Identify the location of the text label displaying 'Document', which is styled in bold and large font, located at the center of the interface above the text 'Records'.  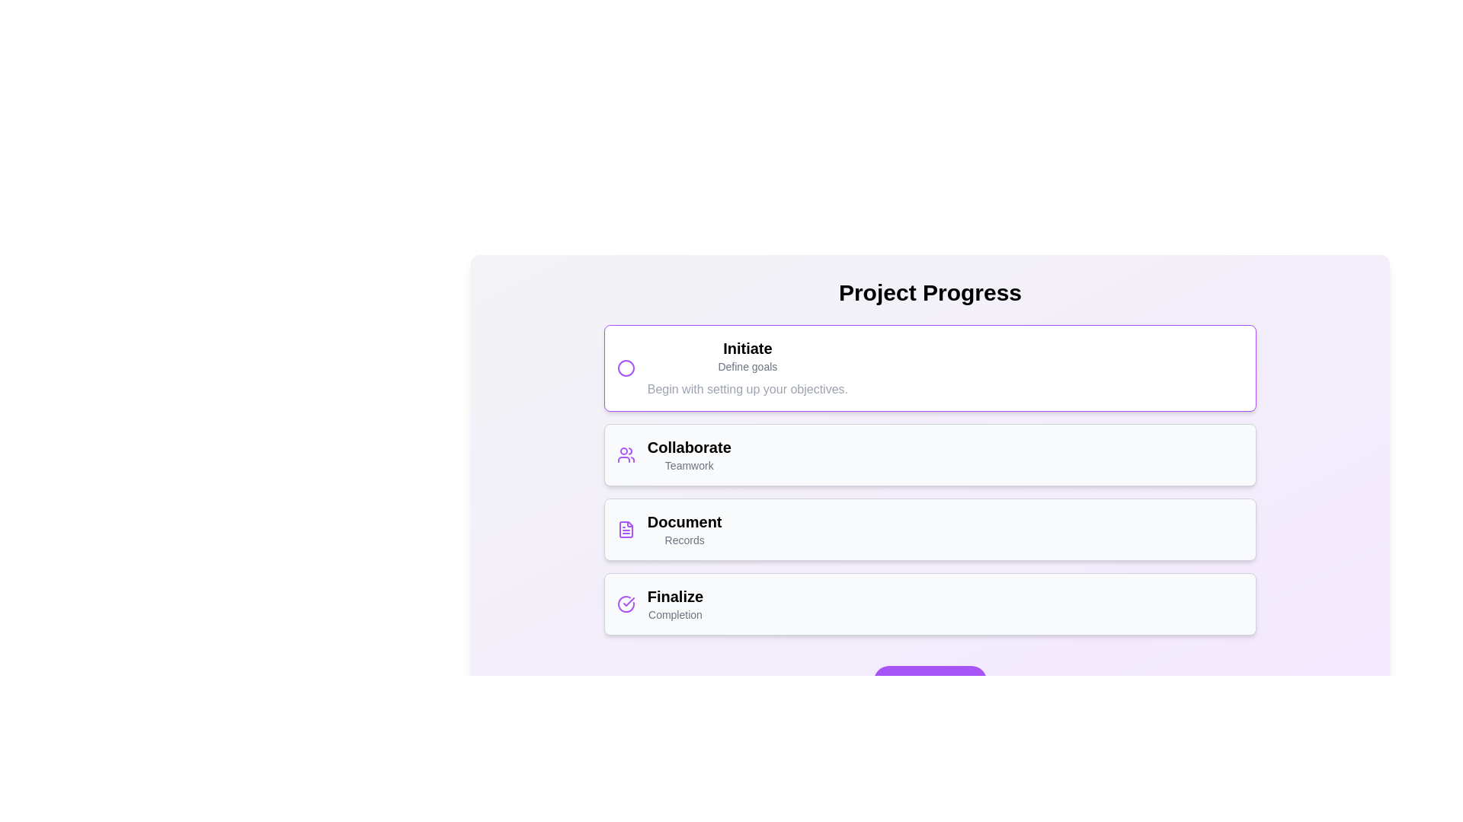
(683, 521).